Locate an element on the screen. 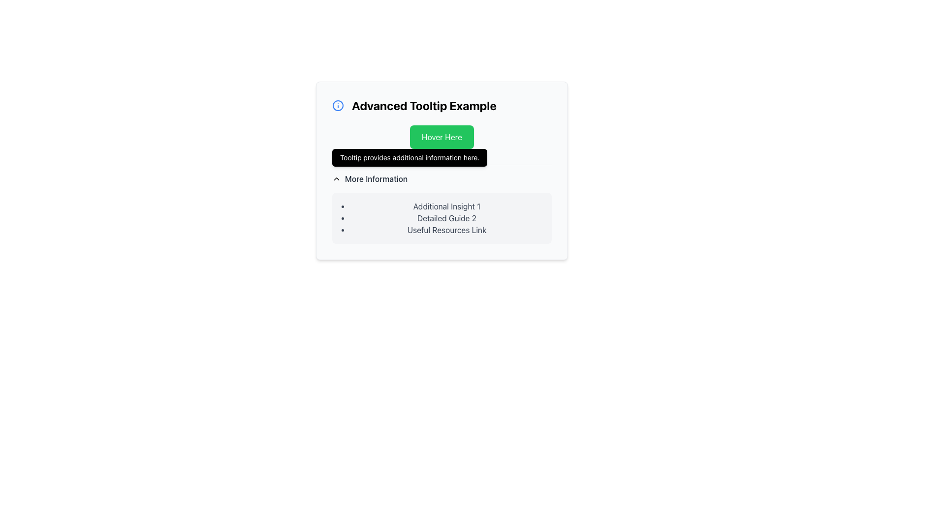 Image resolution: width=945 pixels, height=531 pixels. the text label displaying 'Advanced Tooltip Example', which is positioned above the green button labeled 'Hover Here' and next to a circular information icon is located at coordinates (441, 106).